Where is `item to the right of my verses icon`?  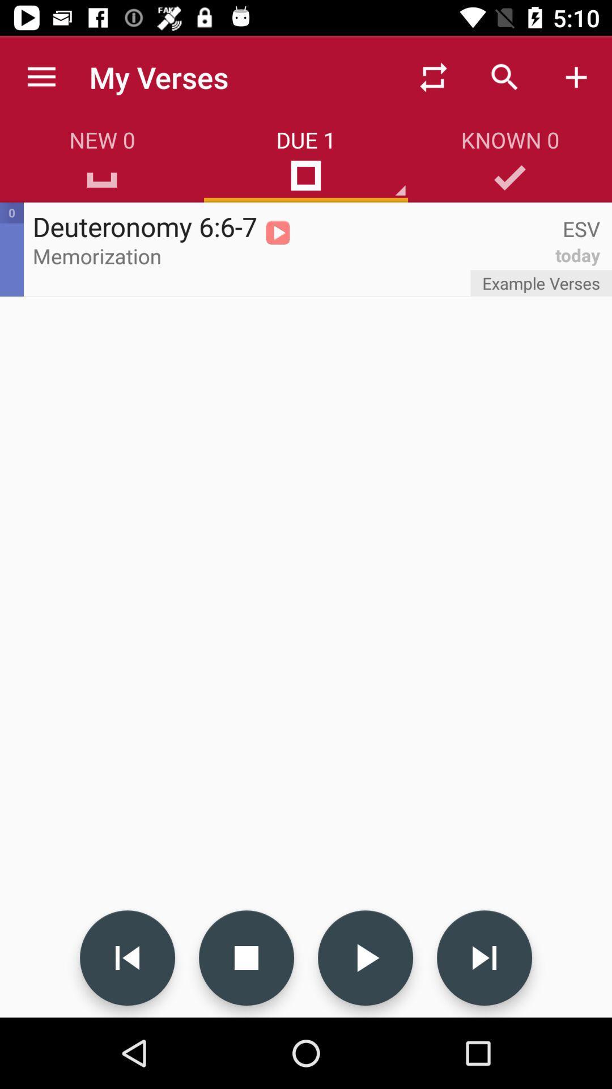
item to the right of my verses icon is located at coordinates (433, 77).